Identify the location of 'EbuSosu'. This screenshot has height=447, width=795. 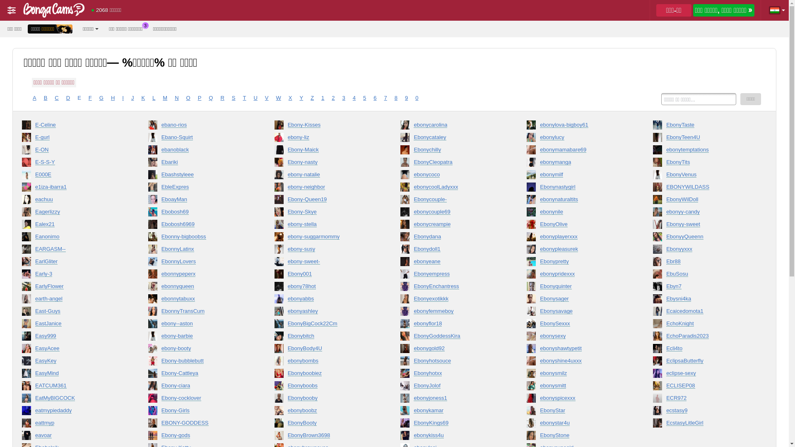
(703, 276).